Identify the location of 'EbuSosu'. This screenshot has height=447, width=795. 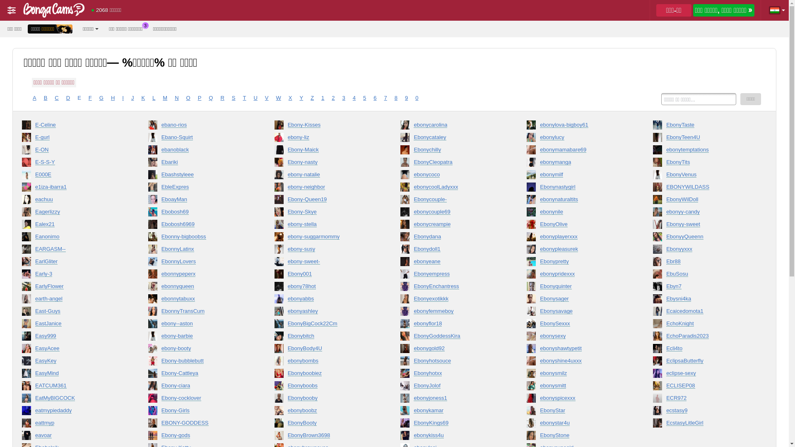
(703, 276).